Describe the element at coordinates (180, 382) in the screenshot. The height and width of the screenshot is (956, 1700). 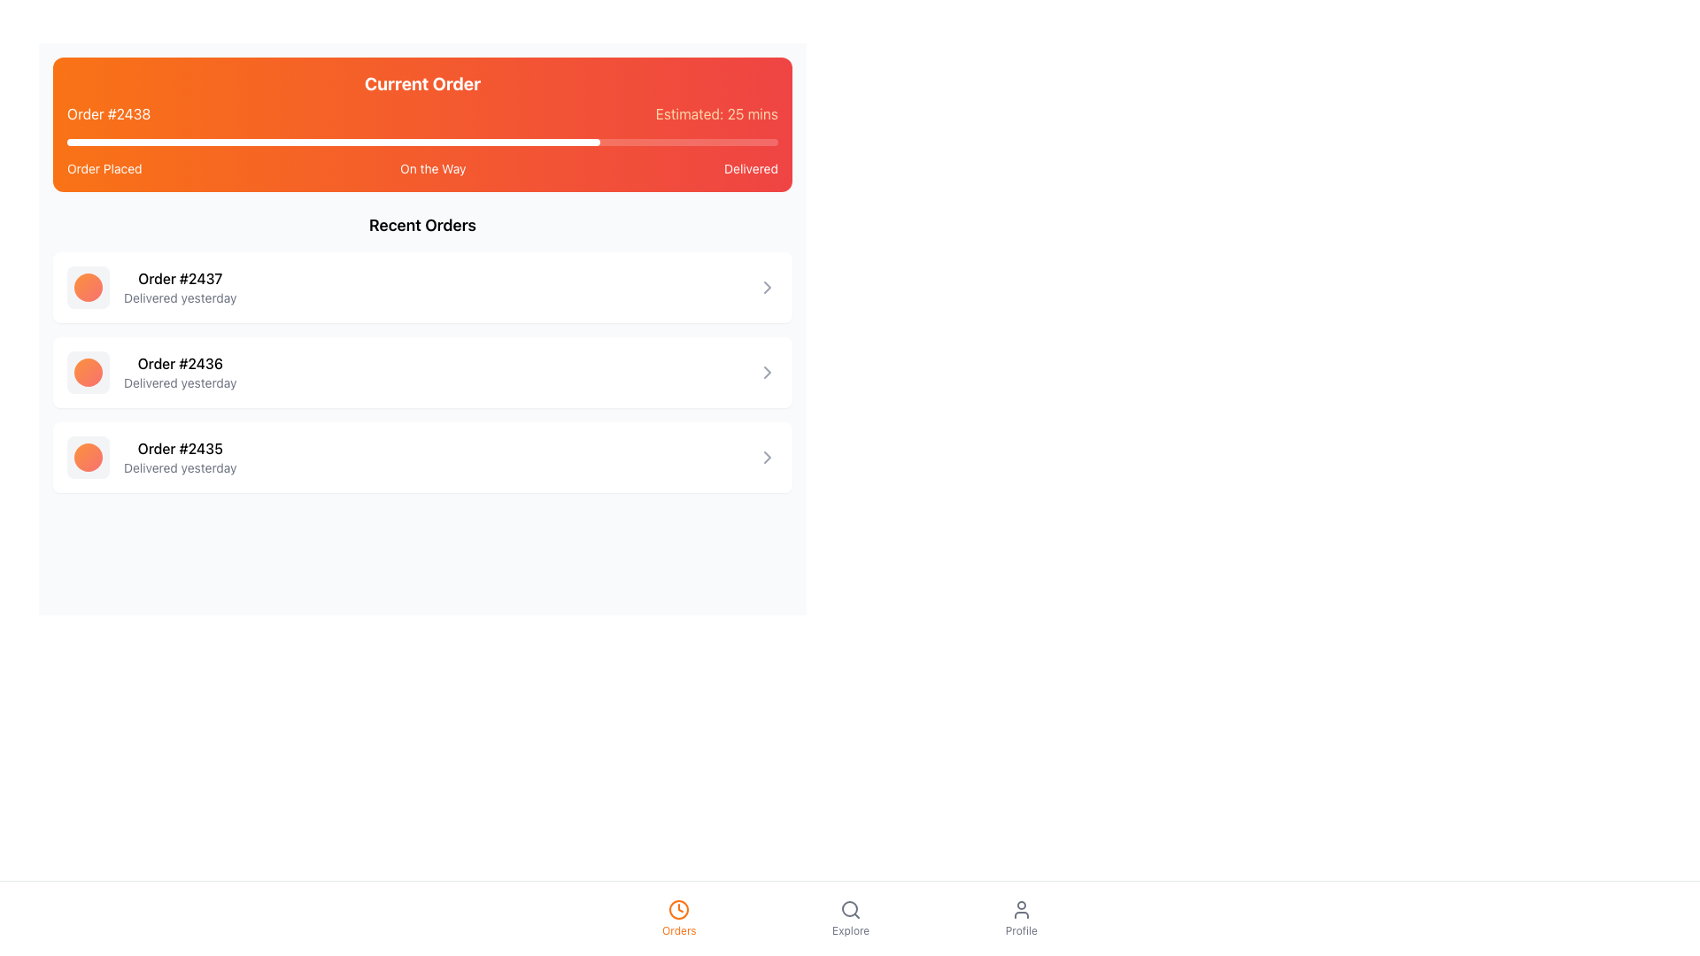
I see `text content of the status message indicating that the associated order was delivered yesterday, located below the 'Order #2436' label in the 'Recent Orders' list` at that location.